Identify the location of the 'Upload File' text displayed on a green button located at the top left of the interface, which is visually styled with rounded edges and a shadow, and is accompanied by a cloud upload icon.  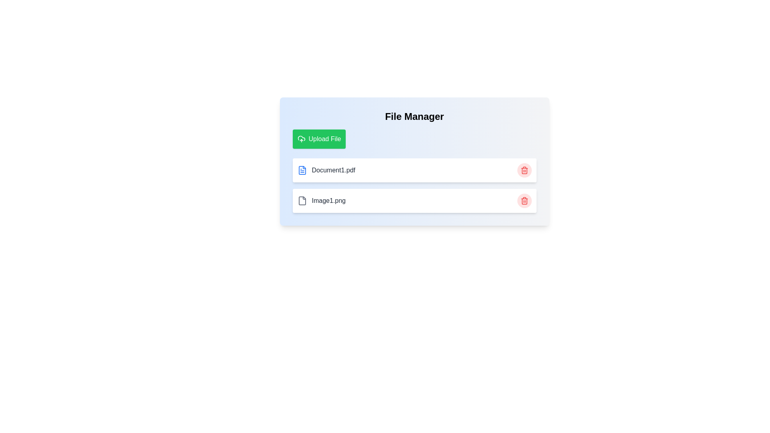
(325, 139).